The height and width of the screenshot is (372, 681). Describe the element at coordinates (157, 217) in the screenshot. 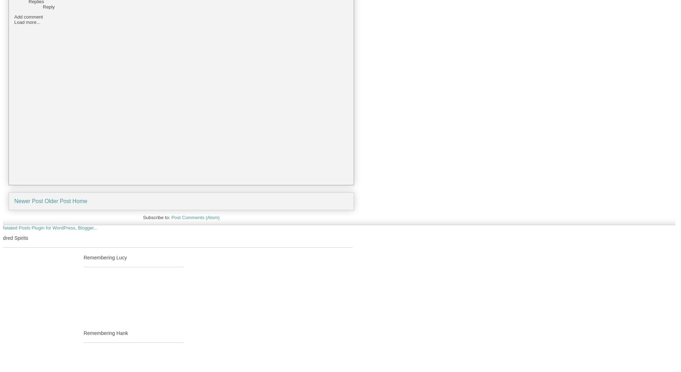

I see `'Subscribe to:'` at that location.